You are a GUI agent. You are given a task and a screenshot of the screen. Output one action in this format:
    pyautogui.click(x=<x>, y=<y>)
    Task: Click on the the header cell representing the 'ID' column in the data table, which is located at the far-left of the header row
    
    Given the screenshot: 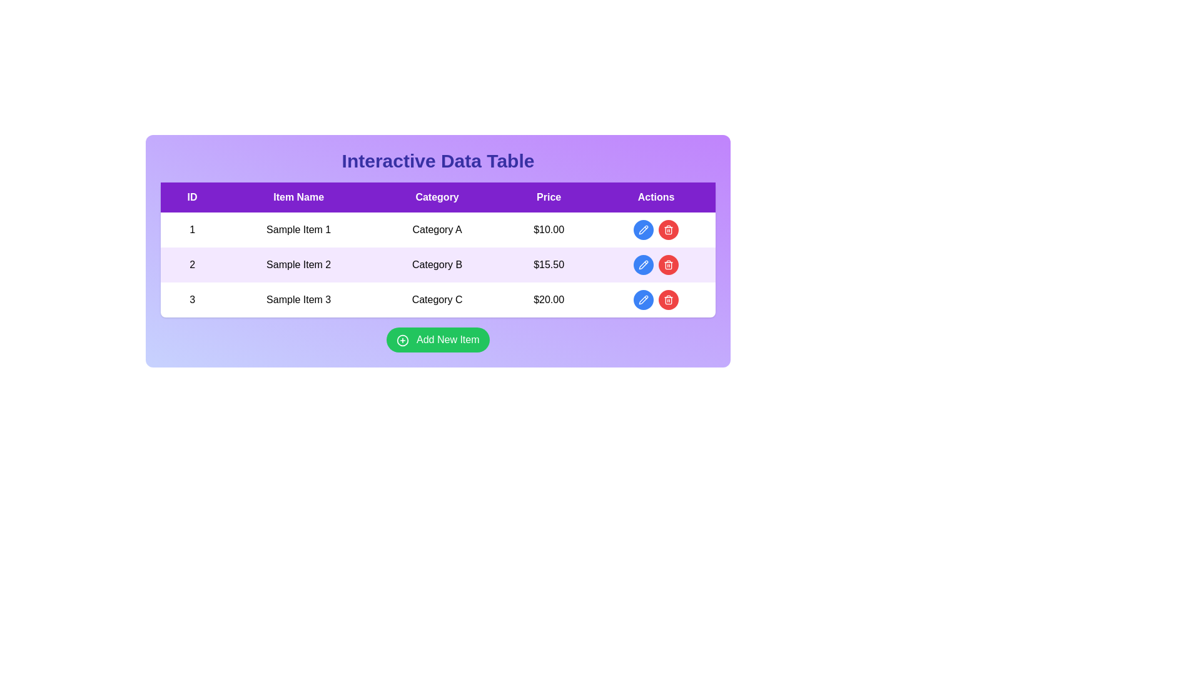 What is the action you would take?
    pyautogui.click(x=191, y=197)
    